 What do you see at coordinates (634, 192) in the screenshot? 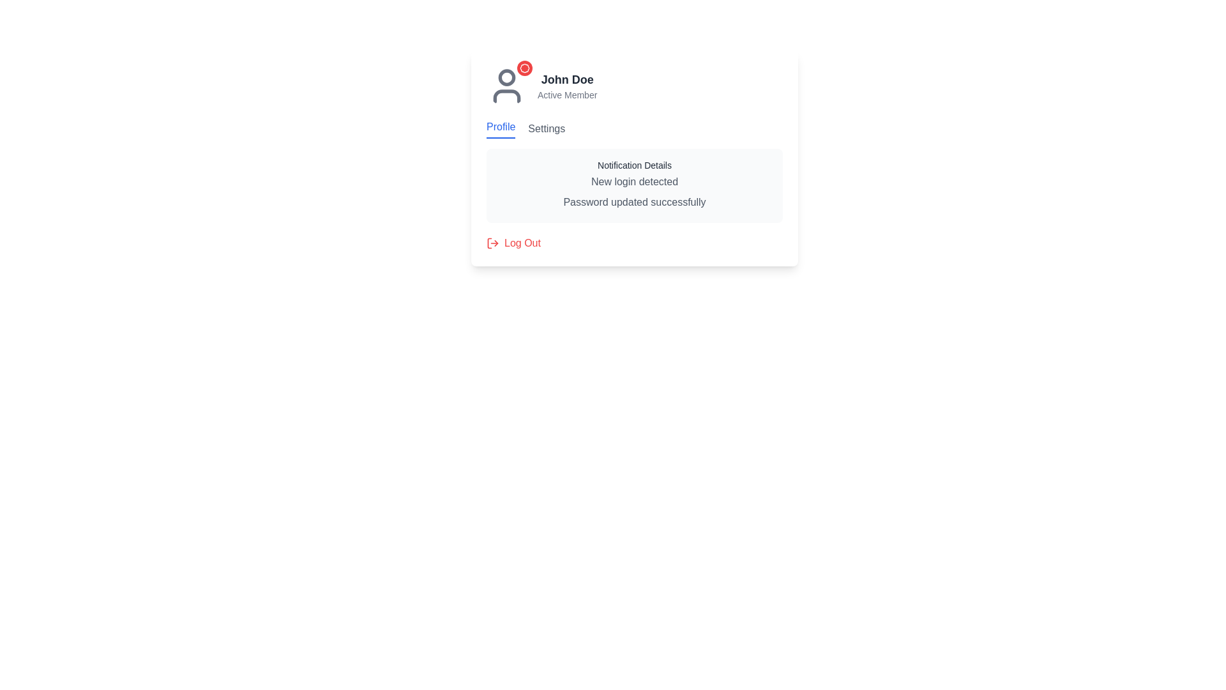
I see `the notification summary text block within the 'Notification Details' card` at bounding box center [634, 192].